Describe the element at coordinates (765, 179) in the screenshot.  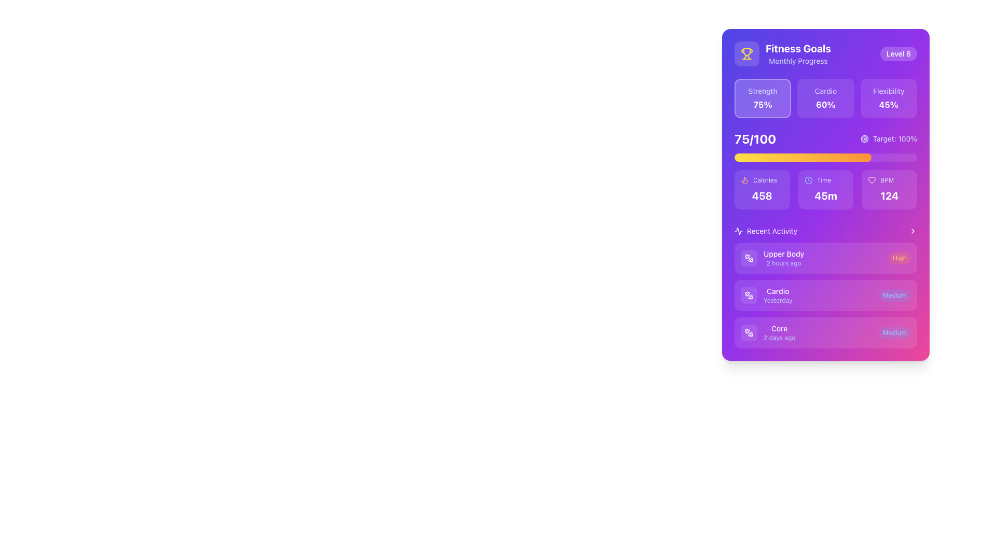
I see `text content of the small text label reading 'Calories', which is styled with a light indigo-blue color and positioned in a fitness tracker widget` at that location.